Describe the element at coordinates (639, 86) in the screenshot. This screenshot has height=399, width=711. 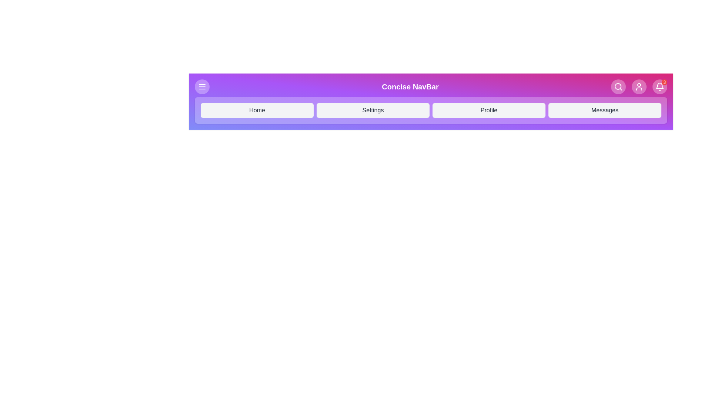
I see `the user profile icon to access the user profile options` at that location.